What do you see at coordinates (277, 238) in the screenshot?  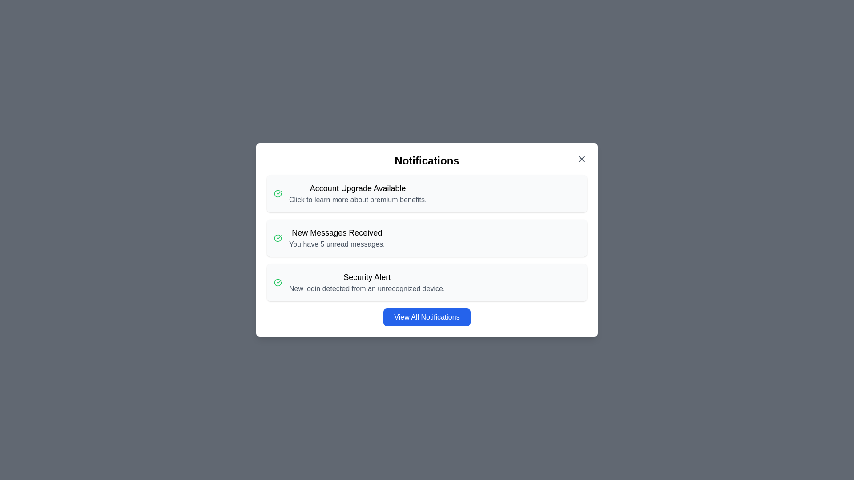 I see `the status indicator icon for the 'New Messages Received' notification to mark it as resolved or acknowledged` at bounding box center [277, 238].